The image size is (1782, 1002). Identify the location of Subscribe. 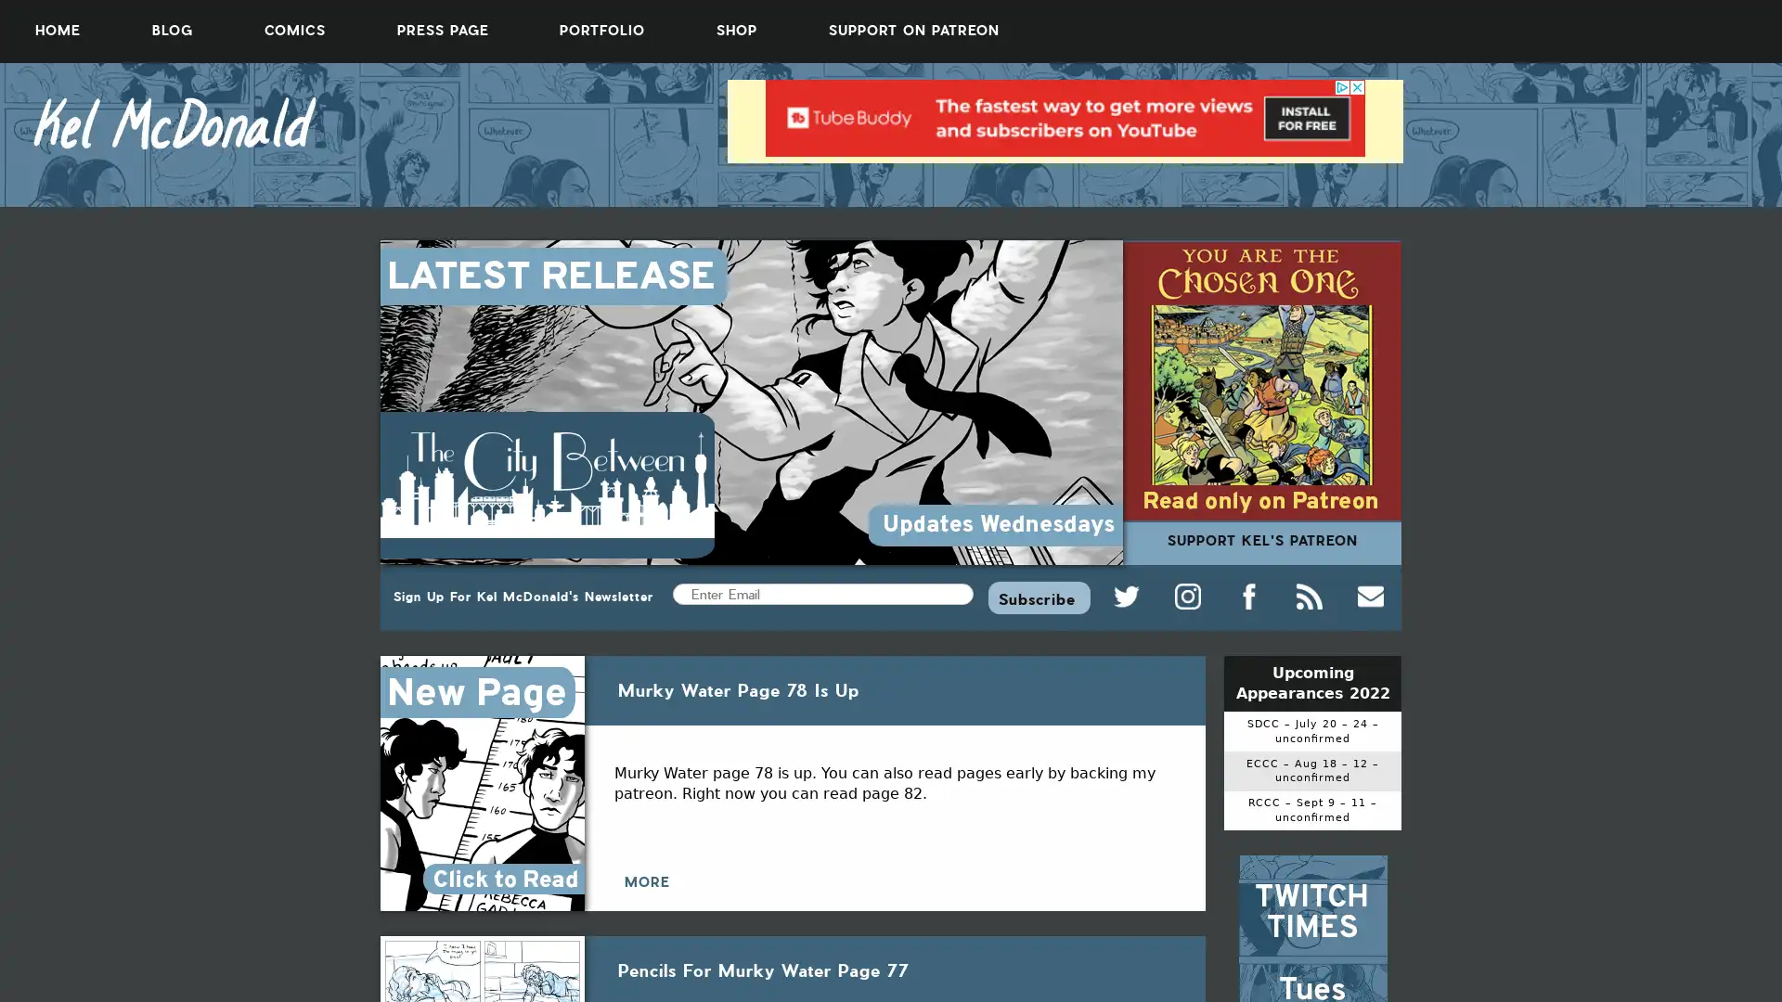
(1038, 597).